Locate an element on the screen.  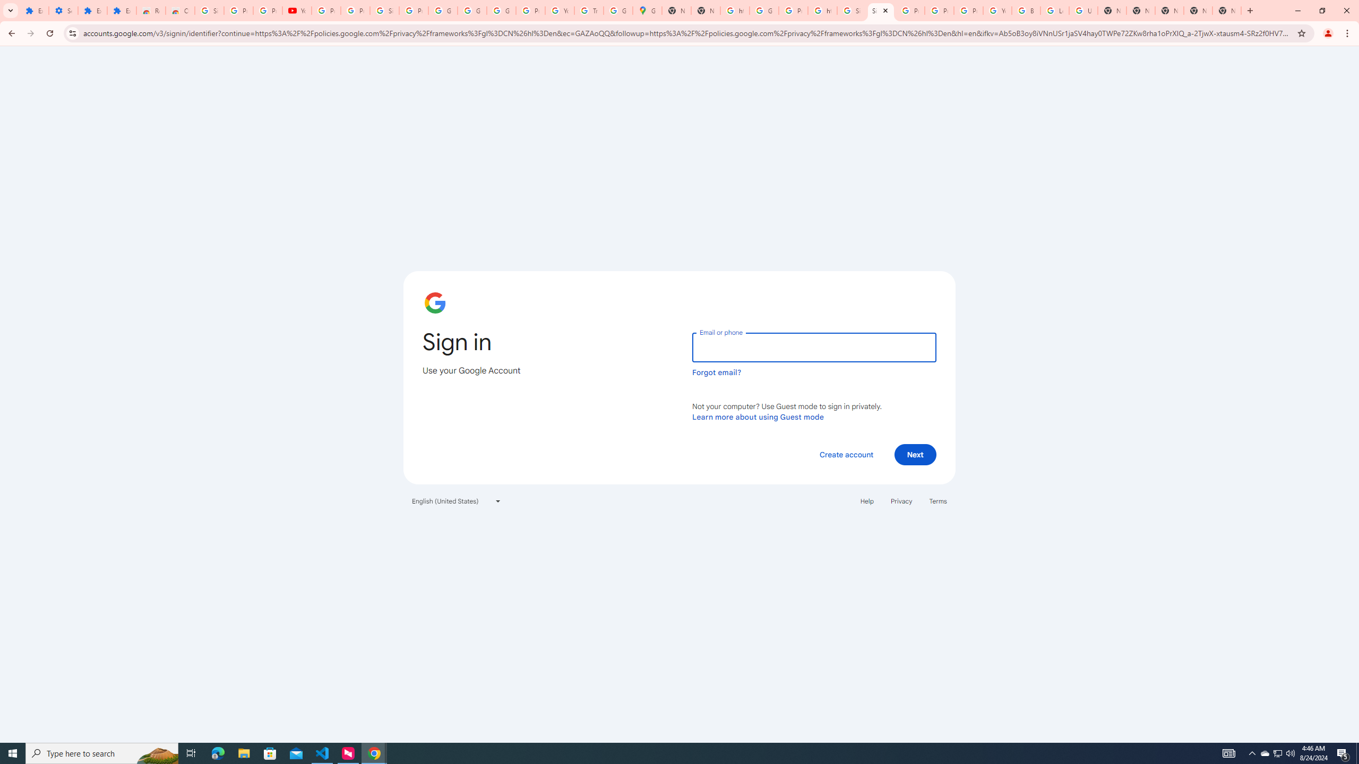
'New Tab' is located at coordinates (1168, 10).